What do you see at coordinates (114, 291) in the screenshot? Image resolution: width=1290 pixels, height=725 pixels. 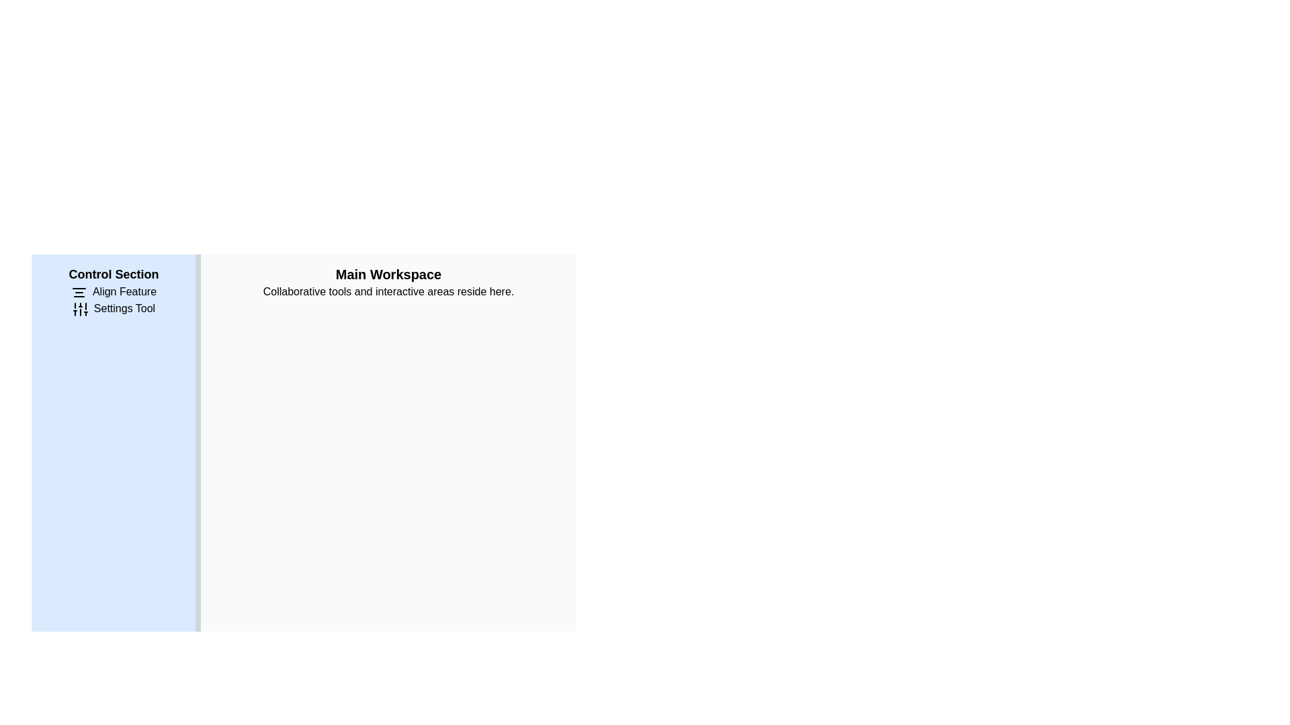 I see `the first menu item in the 'Control Section' panel` at bounding box center [114, 291].